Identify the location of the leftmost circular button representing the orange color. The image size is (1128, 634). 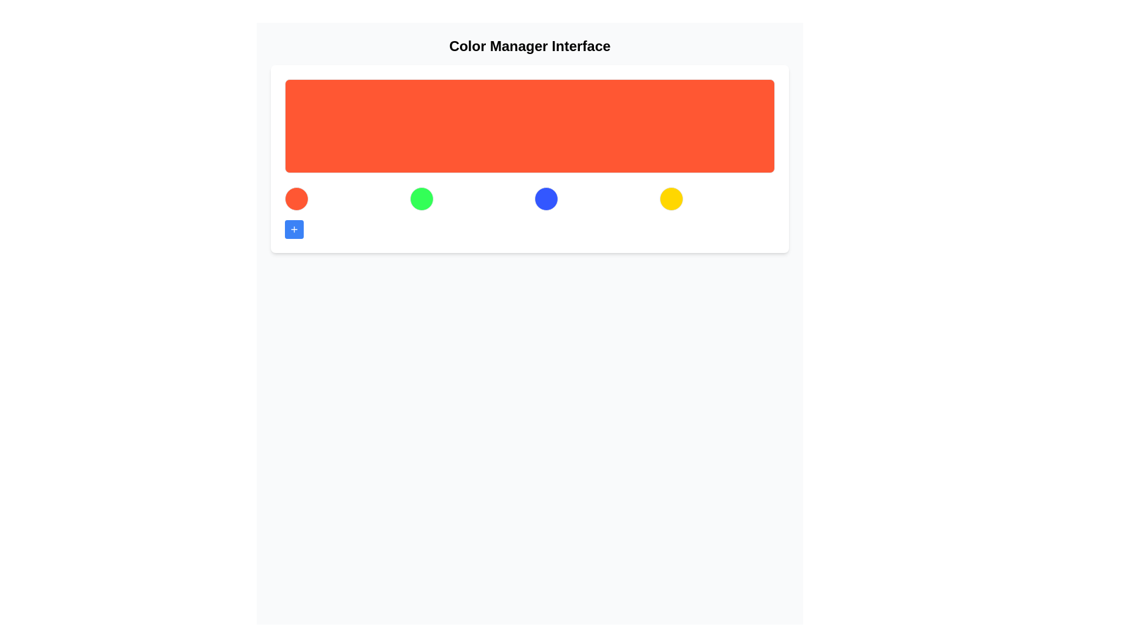
(296, 198).